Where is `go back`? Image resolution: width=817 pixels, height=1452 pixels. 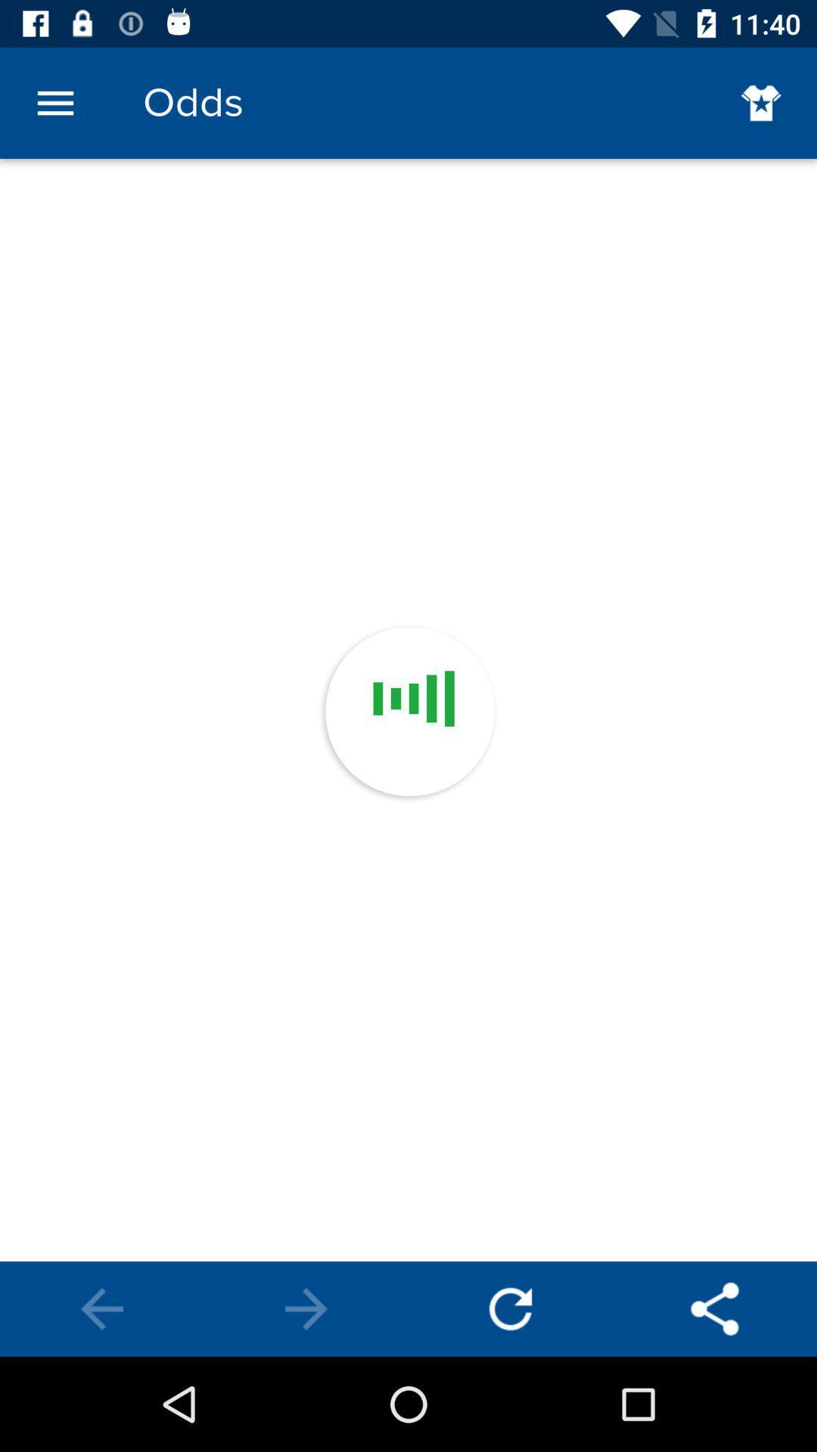
go back is located at coordinates (511, 1308).